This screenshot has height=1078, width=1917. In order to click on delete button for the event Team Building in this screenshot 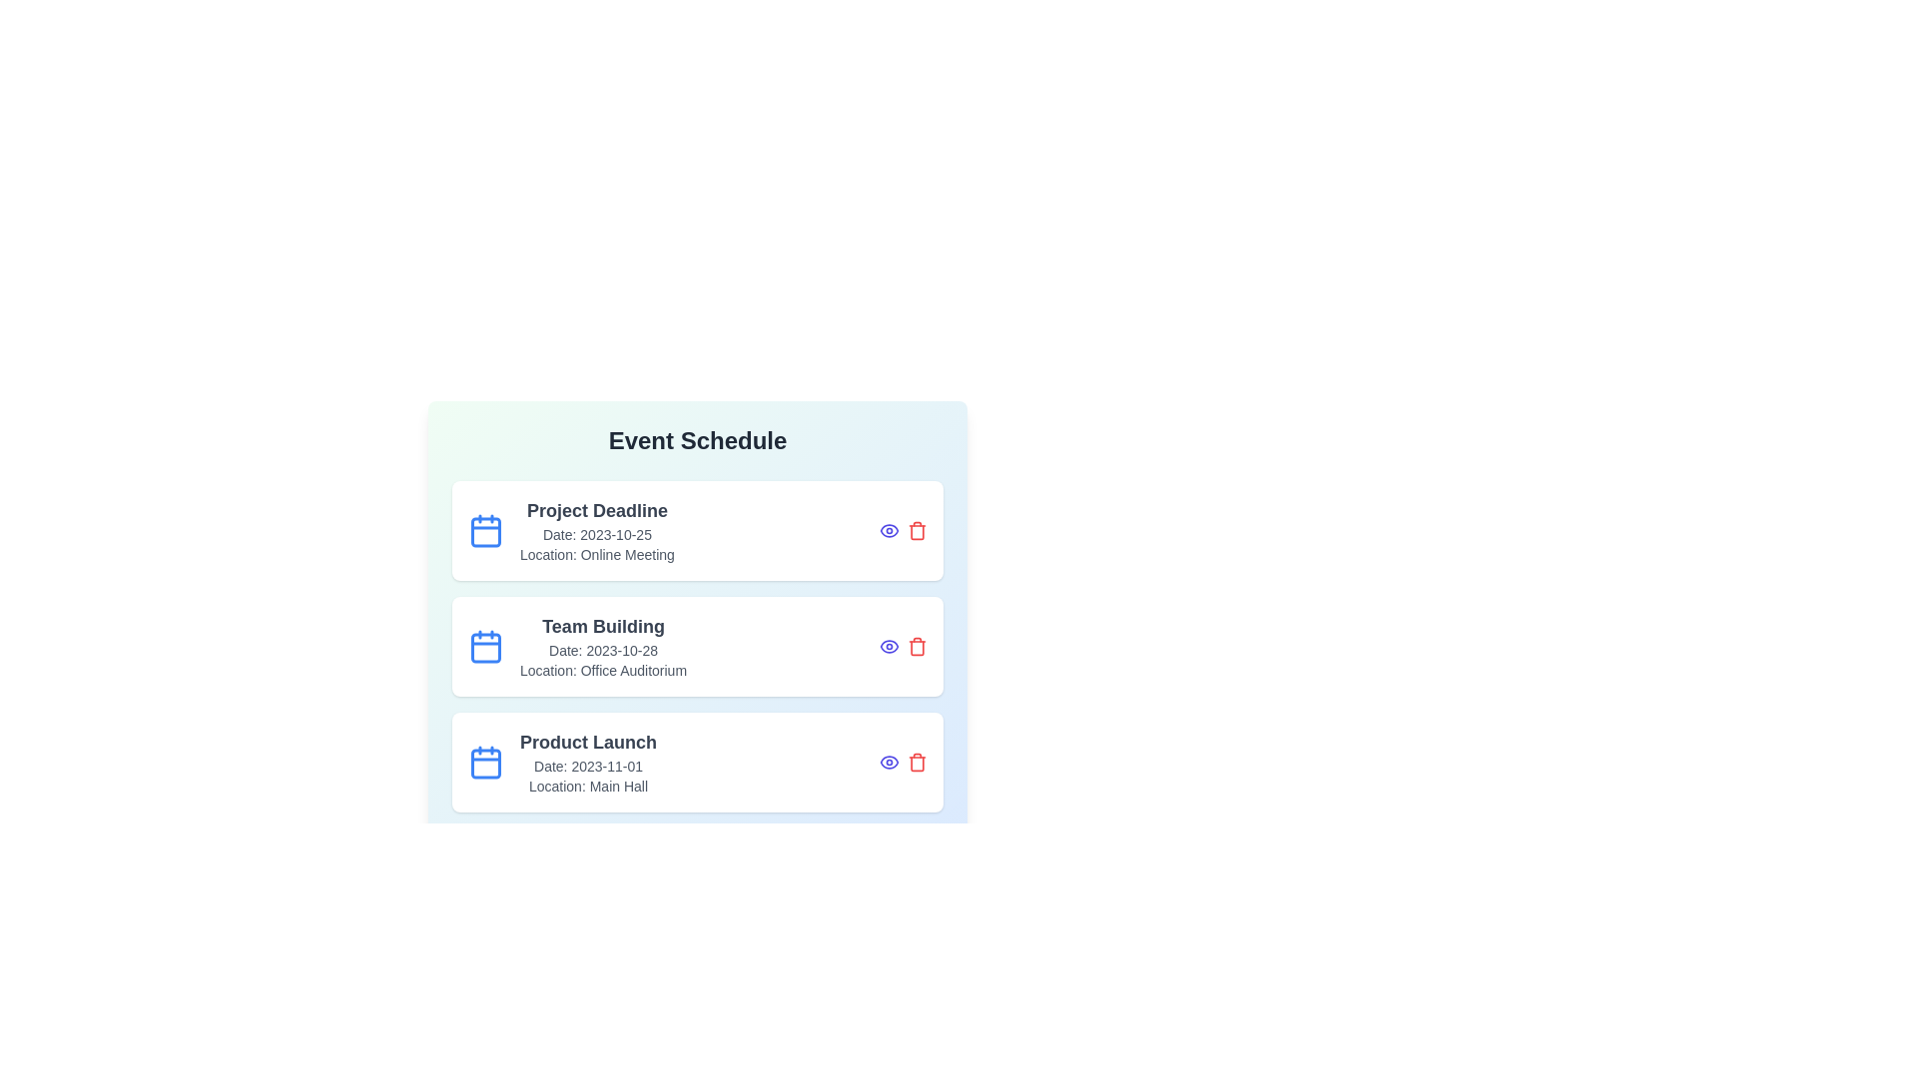, I will do `click(916, 647)`.